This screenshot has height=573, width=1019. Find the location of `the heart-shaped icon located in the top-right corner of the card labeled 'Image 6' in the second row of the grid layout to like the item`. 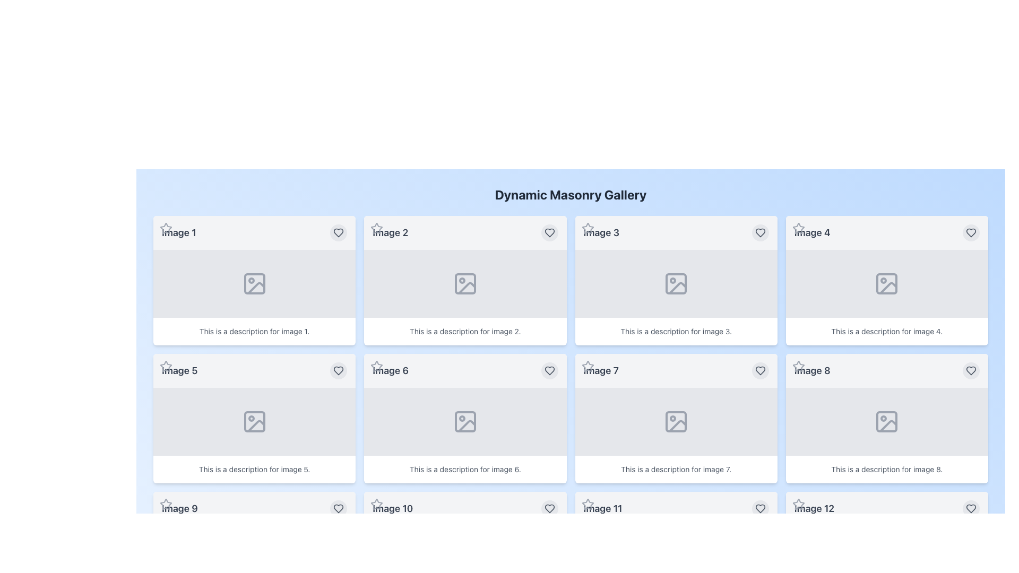

the heart-shaped icon located in the top-right corner of the card labeled 'Image 6' in the second row of the grid layout to like the item is located at coordinates (549, 508).